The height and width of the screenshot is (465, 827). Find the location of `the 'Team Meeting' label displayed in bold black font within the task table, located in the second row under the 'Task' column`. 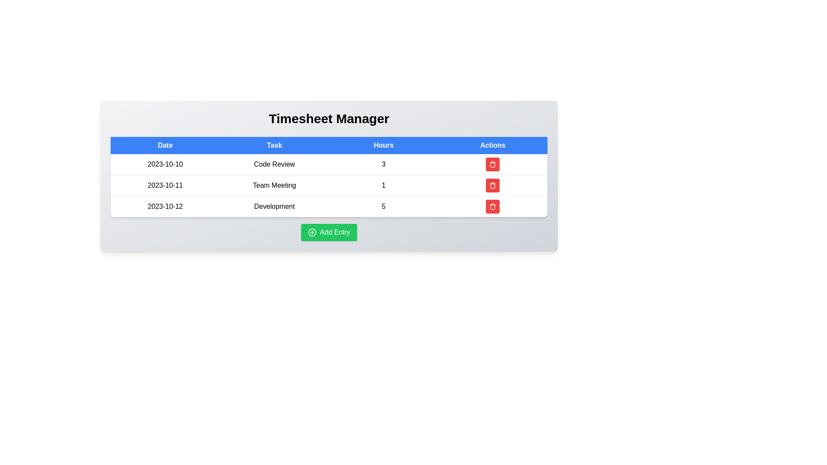

the 'Team Meeting' label displayed in bold black font within the task table, located in the second row under the 'Task' column is located at coordinates (274, 185).